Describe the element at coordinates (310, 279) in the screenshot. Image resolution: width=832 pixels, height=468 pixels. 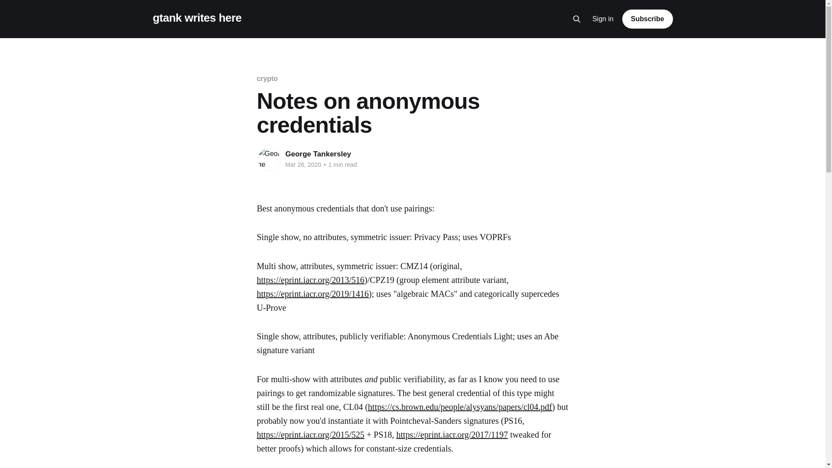
I see `'https://eprint.iacr.org/2013/516'` at that location.